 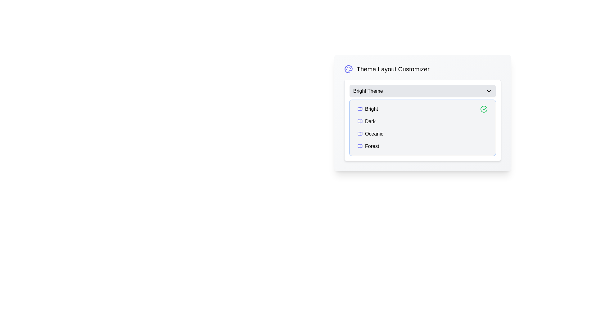 What do you see at coordinates (372, 146) in the screenshot?
I see `the 'Forest' dropdown option within the 'Theme Layout Customizer'` at bounding box center [372, 146].